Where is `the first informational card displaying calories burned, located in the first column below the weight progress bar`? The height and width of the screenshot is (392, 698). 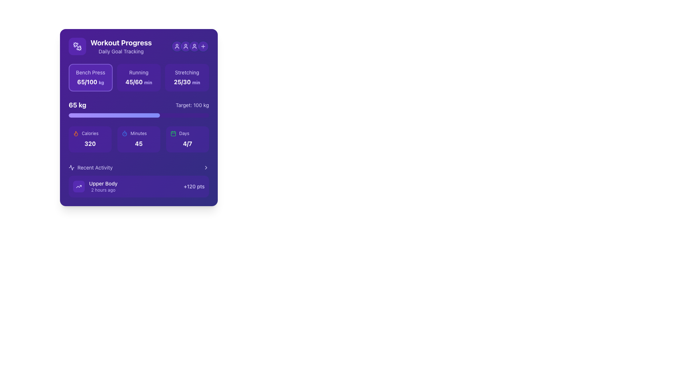
the first informational card displaying calories burned, located in the first column below the weight progress bar is located at coordinates (90, 139).